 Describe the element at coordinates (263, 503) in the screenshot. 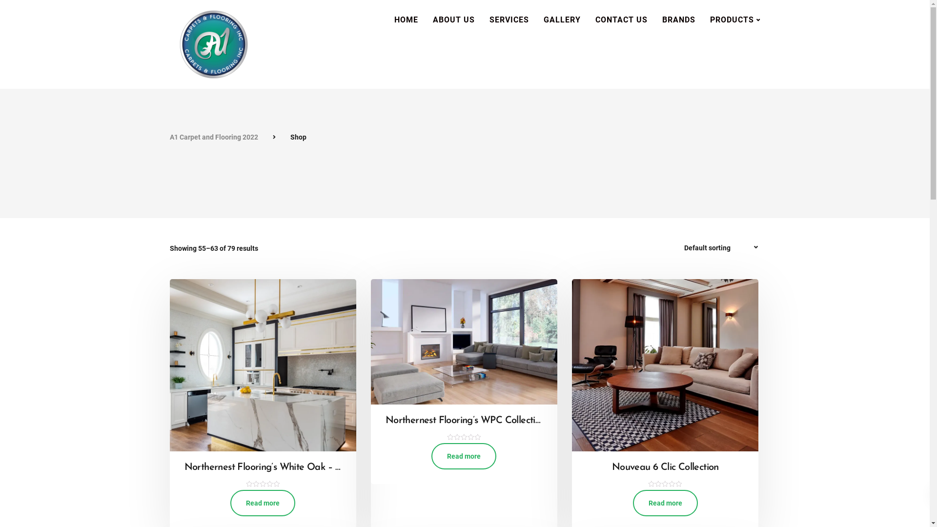

I see `'Read more'` at that location.